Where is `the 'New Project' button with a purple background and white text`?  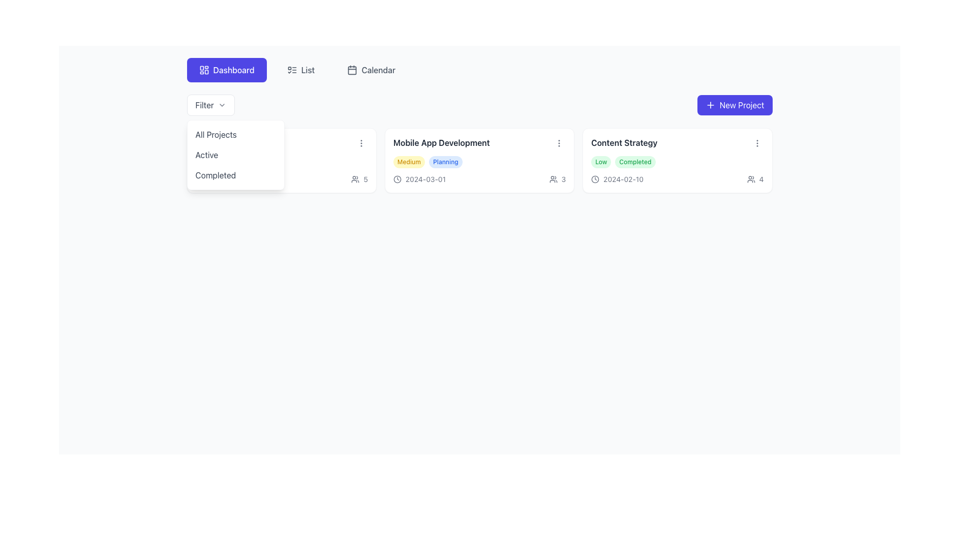 the 'New Project' button with a purple background and white text is located at coordinates (735, 105).